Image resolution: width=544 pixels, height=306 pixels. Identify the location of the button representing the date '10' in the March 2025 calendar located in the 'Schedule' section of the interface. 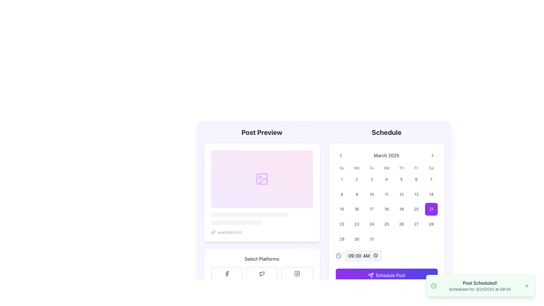
(371, 194).